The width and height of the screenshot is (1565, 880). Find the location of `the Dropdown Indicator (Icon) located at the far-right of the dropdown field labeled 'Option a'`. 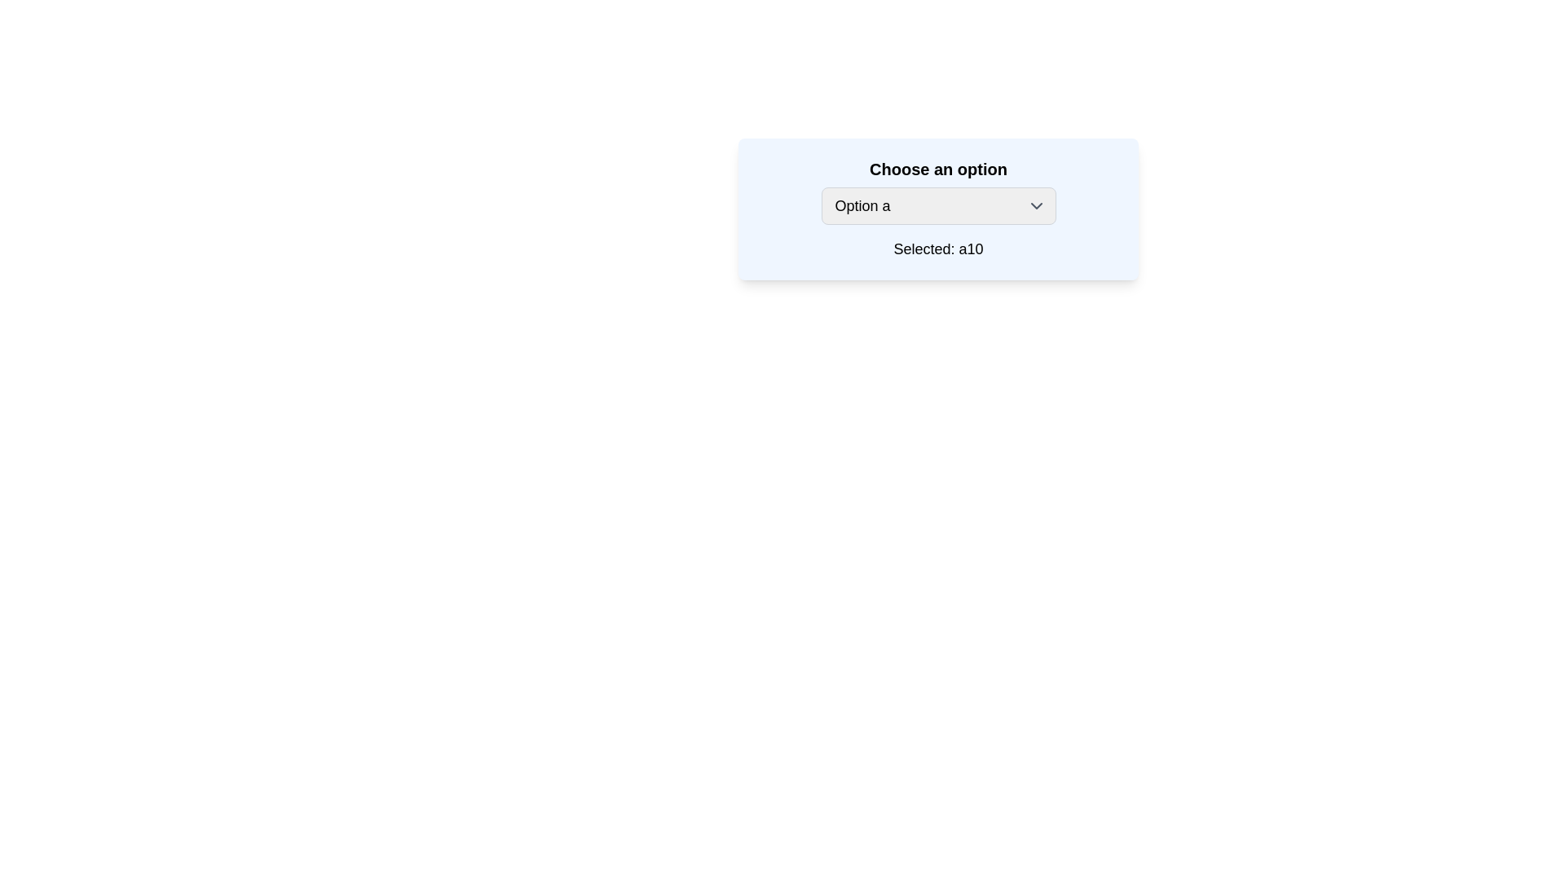

the Dropdown Indicator (Icon) located at the far-right of the dropdown field labeled 'Option a' is located at coordinates (1035, 205).